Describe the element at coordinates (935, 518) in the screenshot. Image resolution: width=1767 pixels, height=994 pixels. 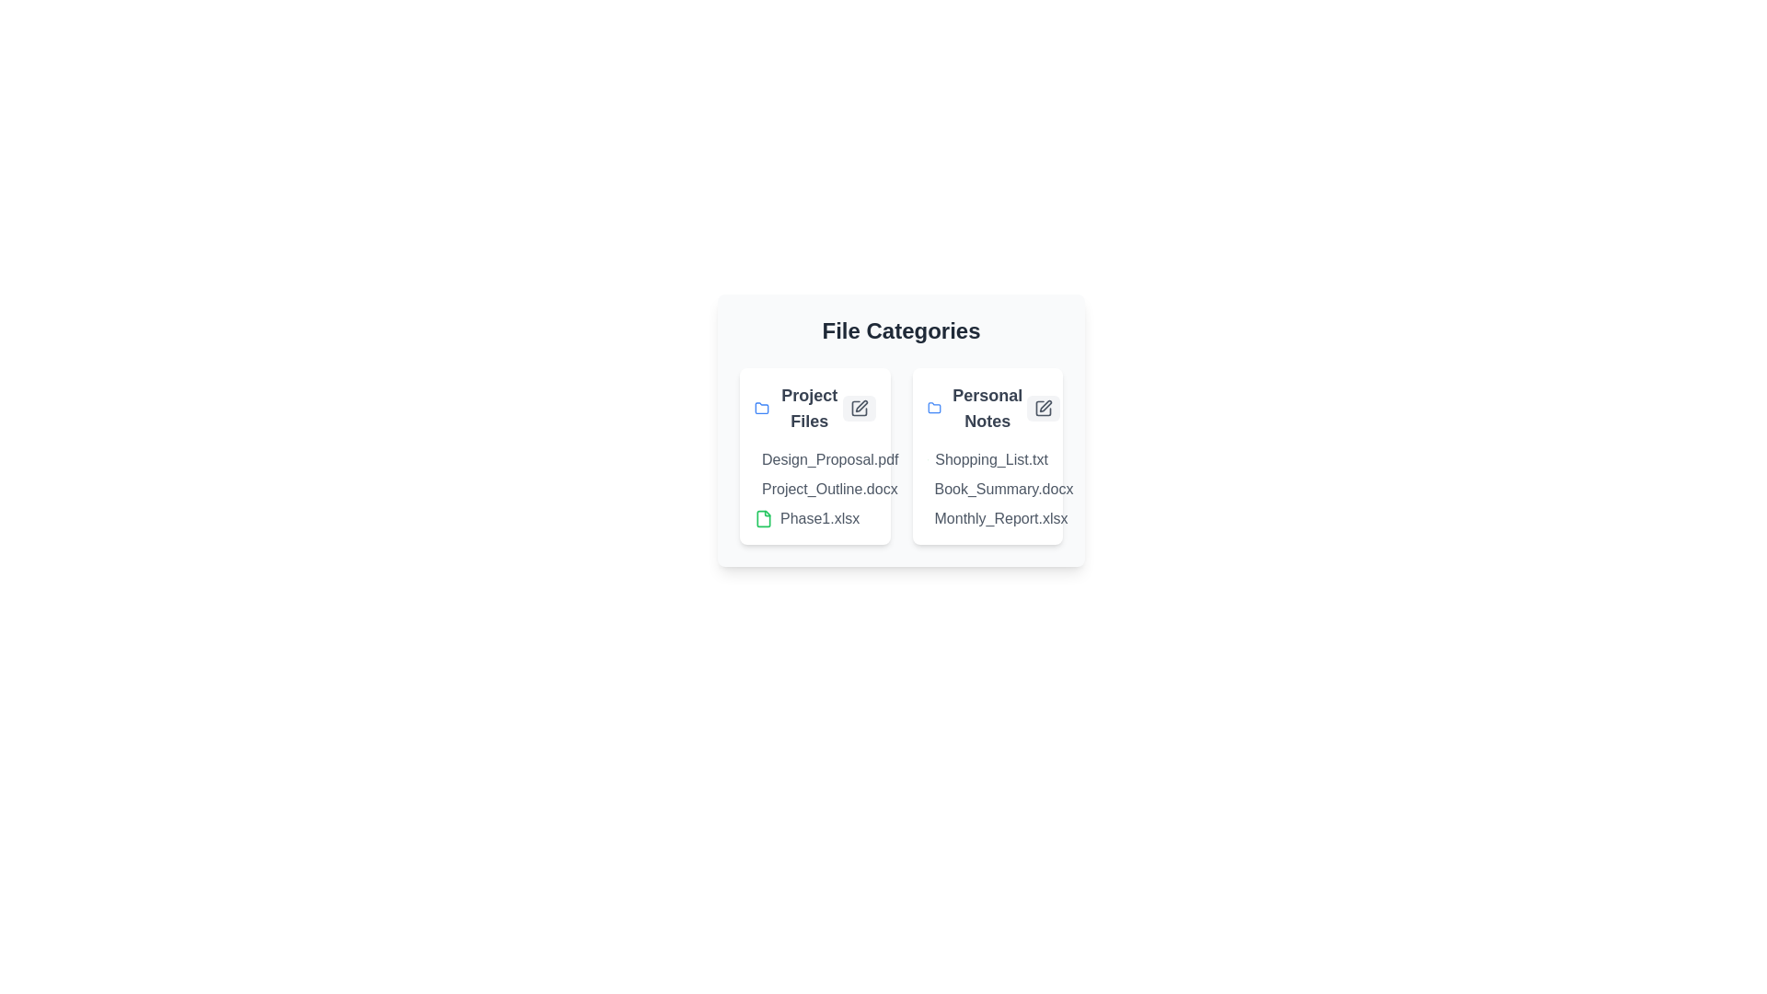
I see `the document Monthly_Report.xlsx` at that location.